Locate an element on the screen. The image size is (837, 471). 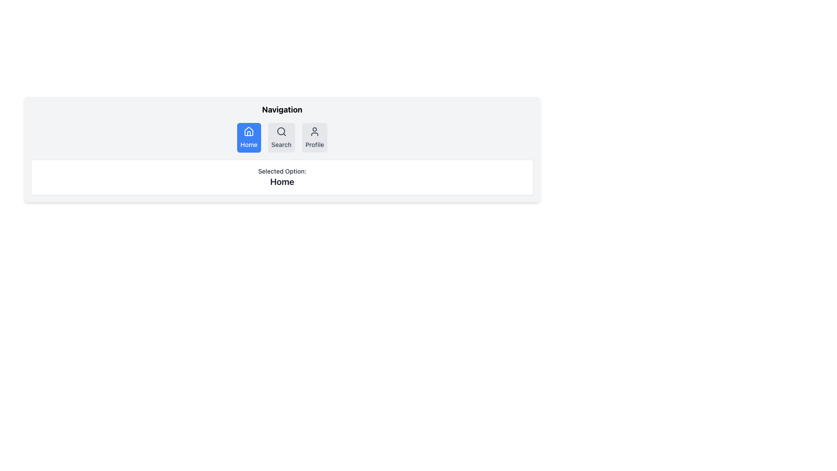
the static text label 'Search' located at the lower portion of the button in the navigation bar, which is the second button in a row of three buttons is located at coordinates (281, 144).